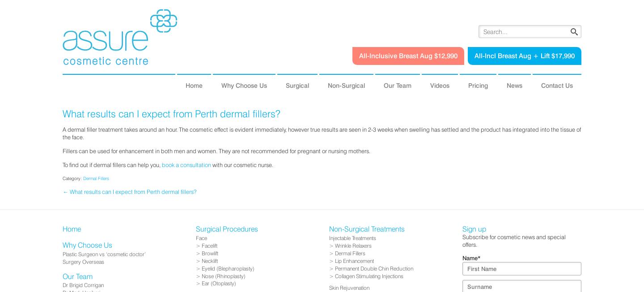 The image size is (644, 292). I want to click on 'Surgical', so click(285, 85).